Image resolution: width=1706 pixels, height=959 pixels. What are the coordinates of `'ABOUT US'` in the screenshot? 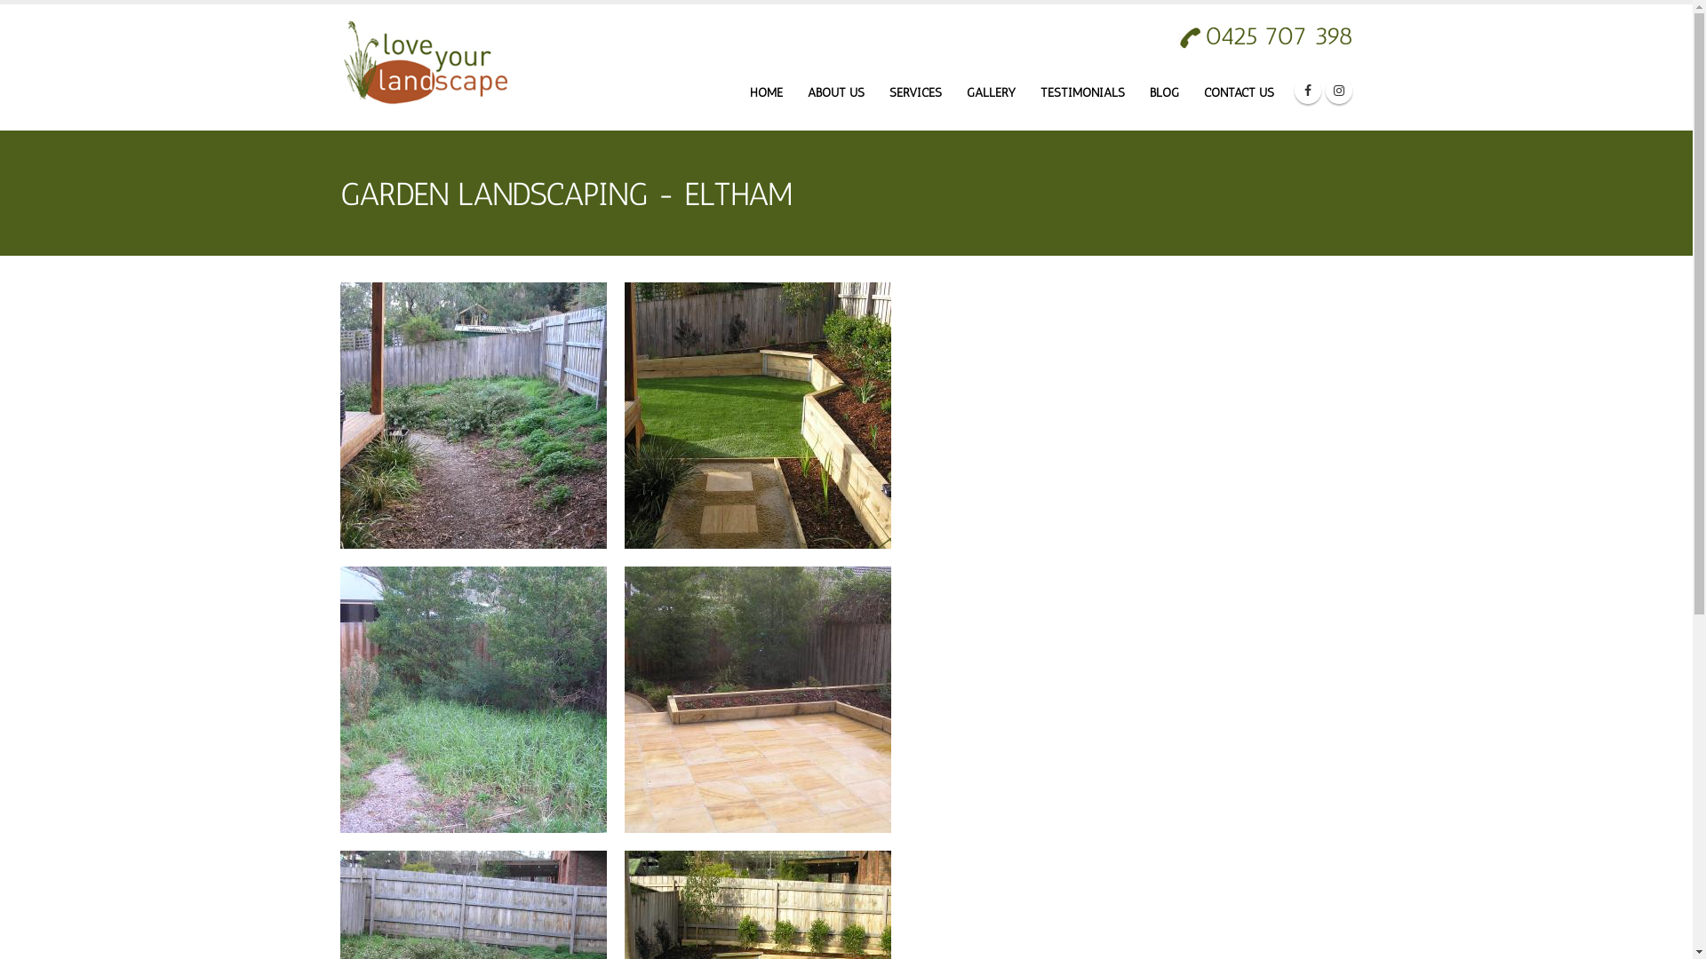 It's located at (834, 92).